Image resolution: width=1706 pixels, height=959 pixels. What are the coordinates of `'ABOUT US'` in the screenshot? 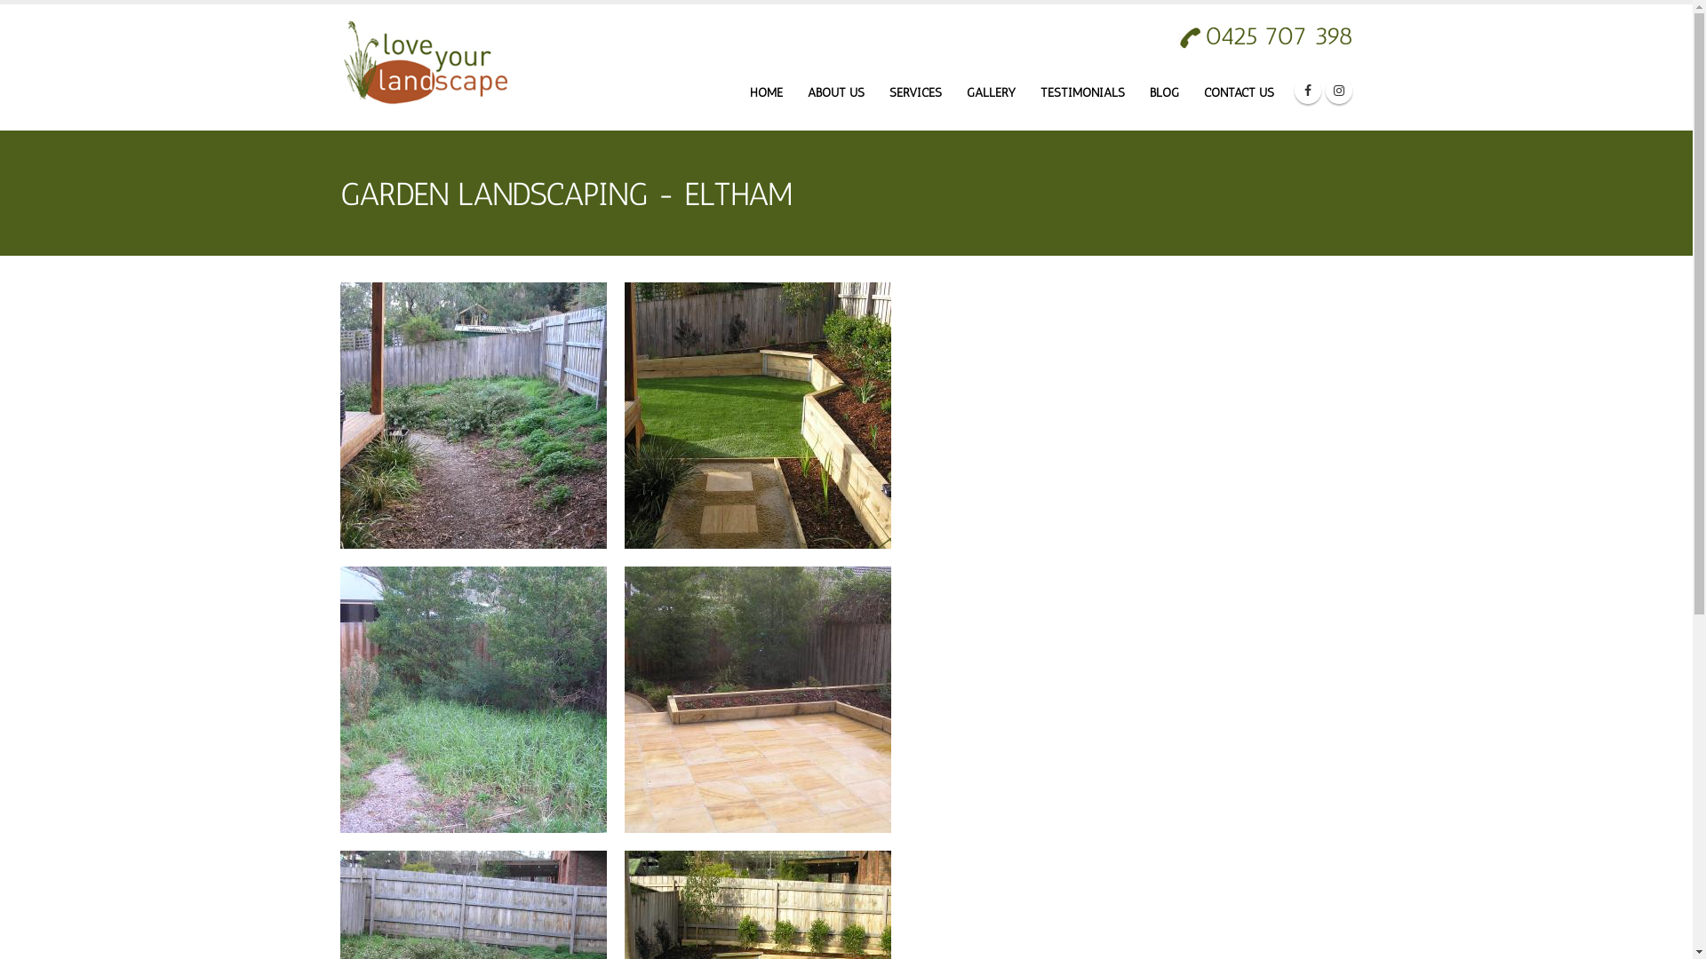 It's located at (834, 92).